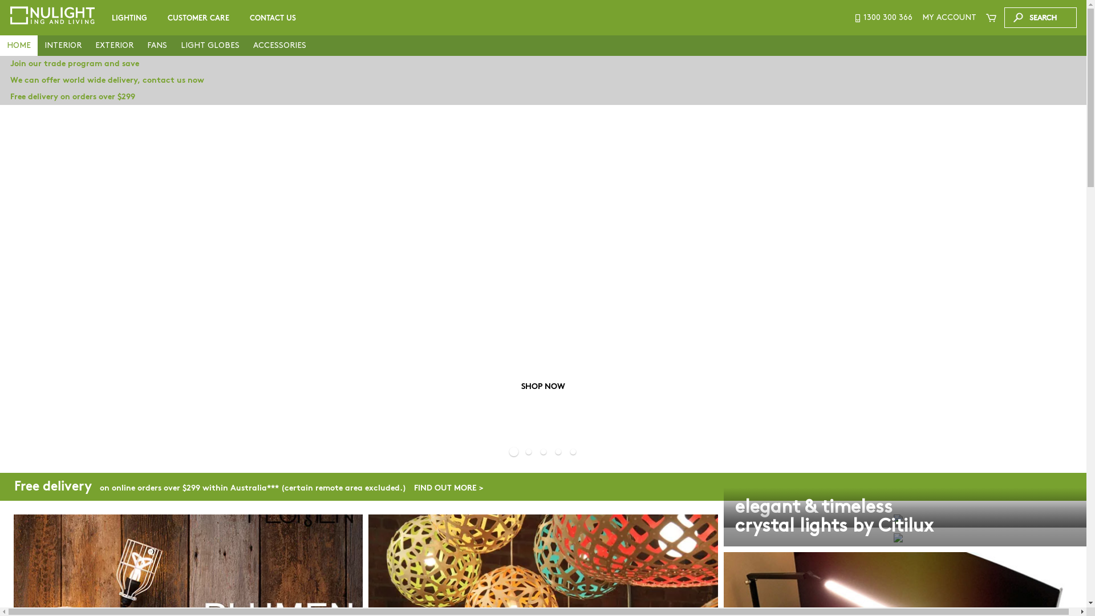 The image size is (1095, 616). What do you see at coordinates (246, 45) in the screenshot?
I see `'ACCESSORIES'` at bounding box center [246, 45].